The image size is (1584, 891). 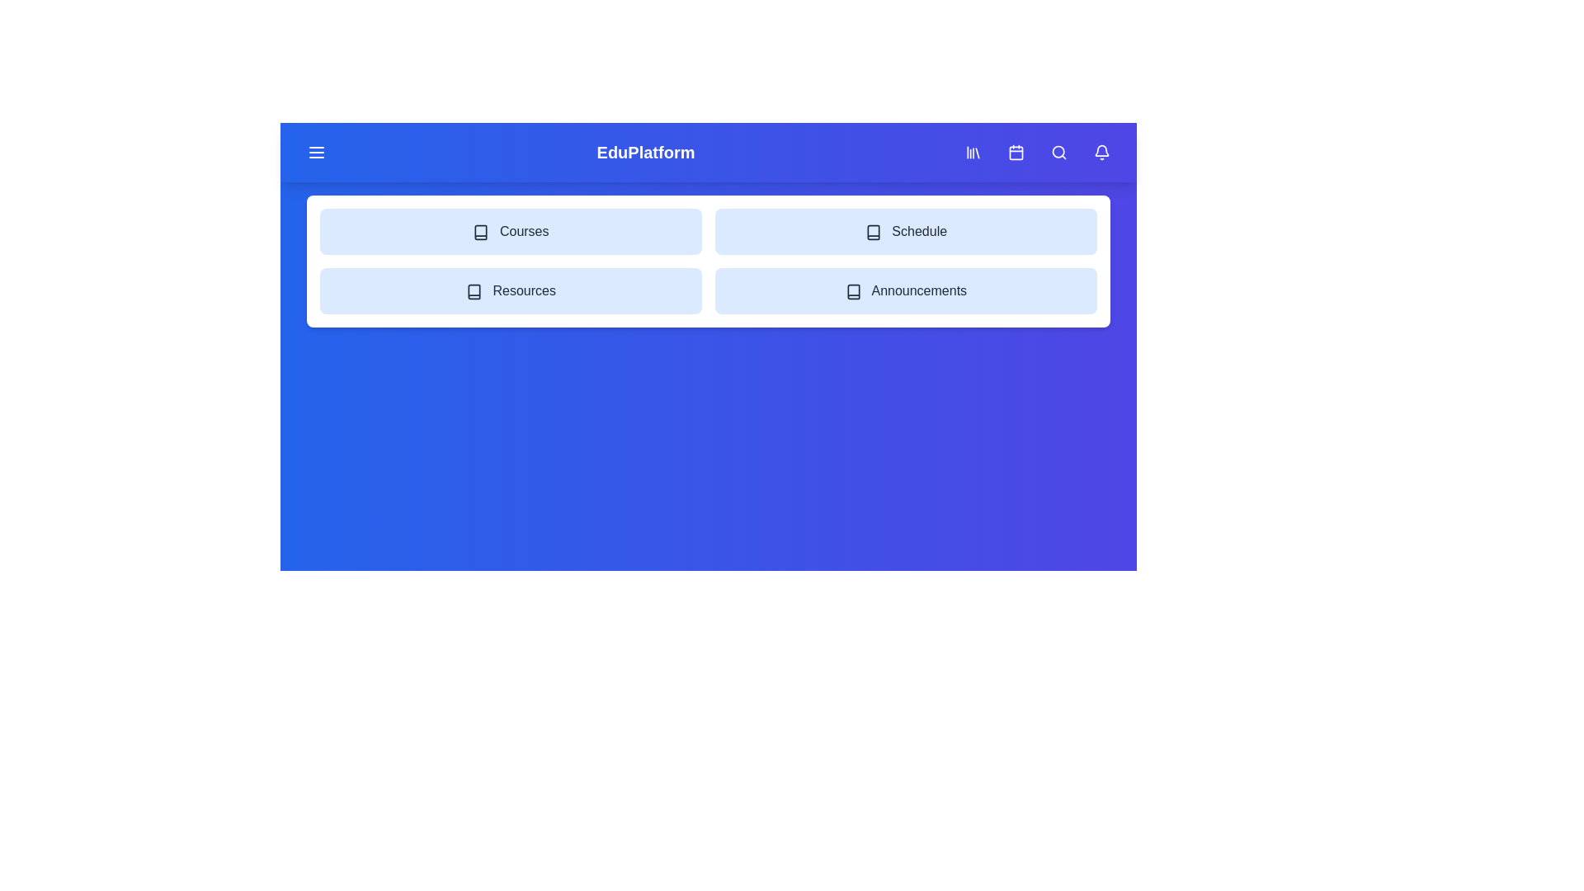 What do you see at coordinates (905, 232) in the screenshot?
I see `the 'Schedule' button to select it` at bounding box center [905, 232].